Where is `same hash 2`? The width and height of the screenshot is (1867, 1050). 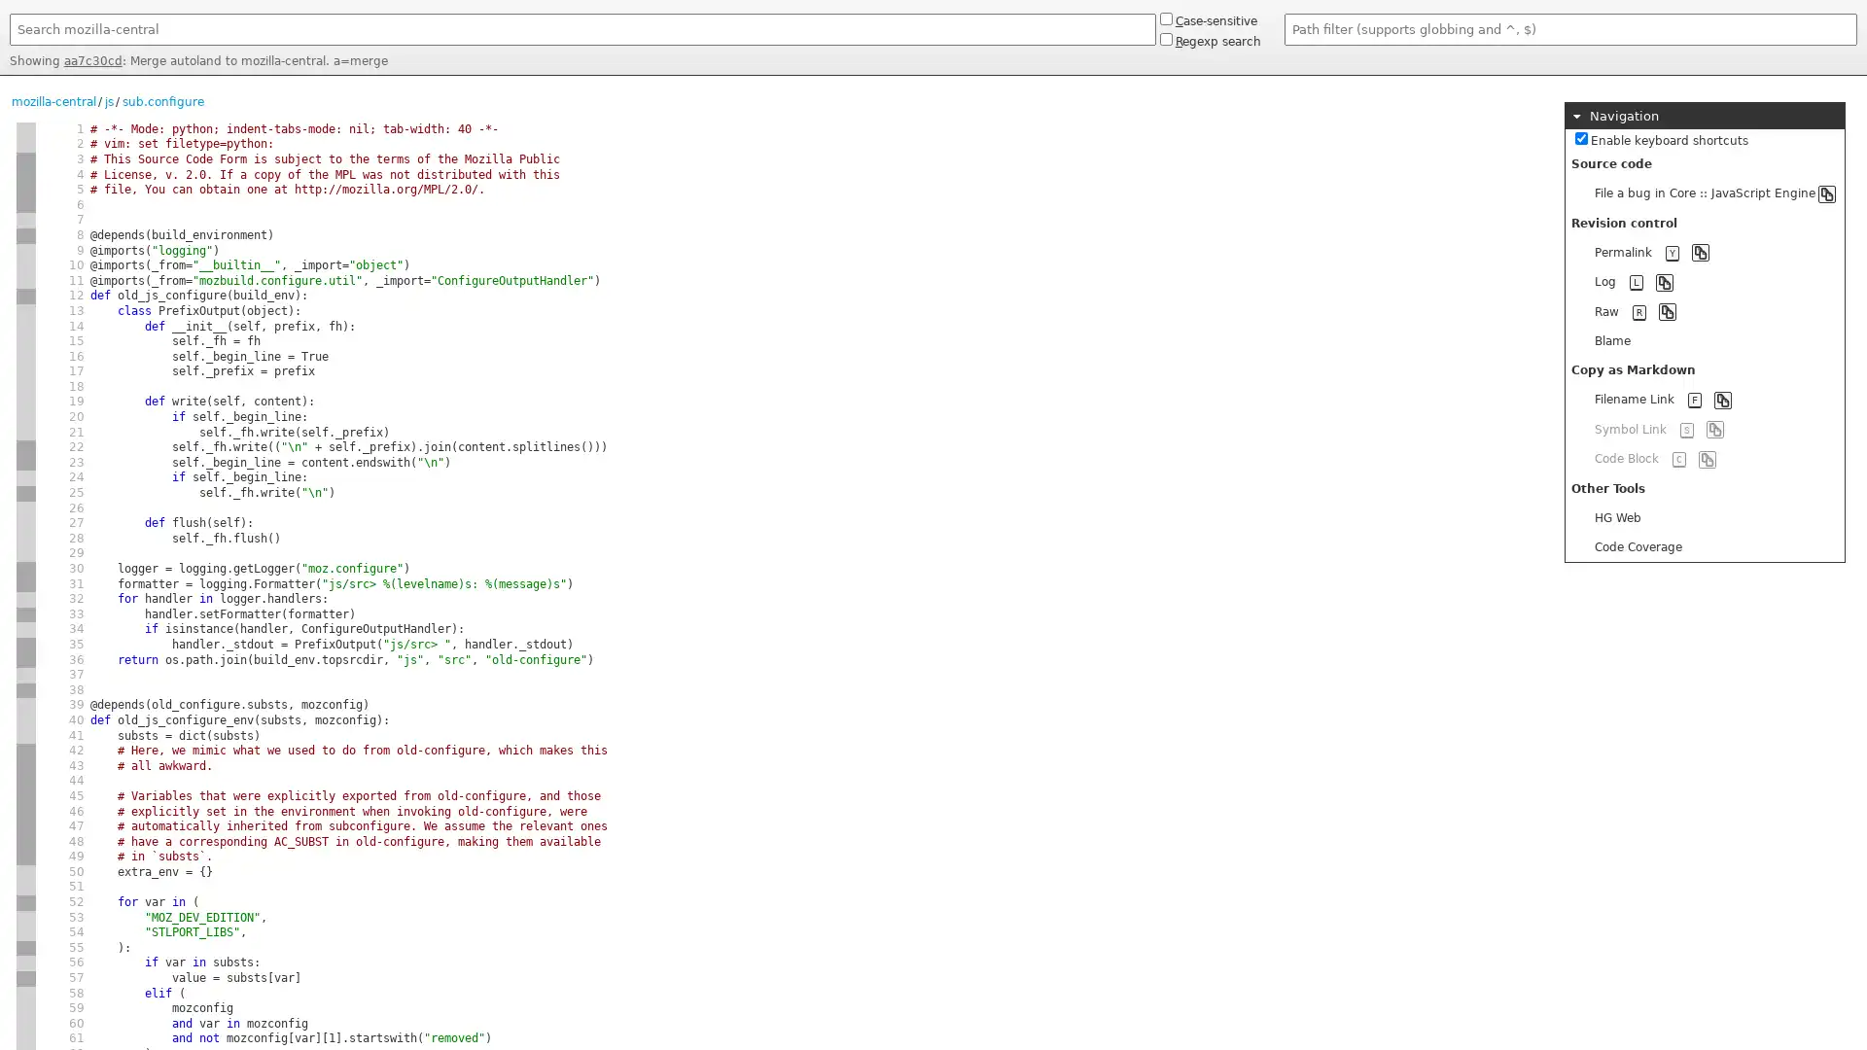
same hash 2 is located at coordinates (26, 841).